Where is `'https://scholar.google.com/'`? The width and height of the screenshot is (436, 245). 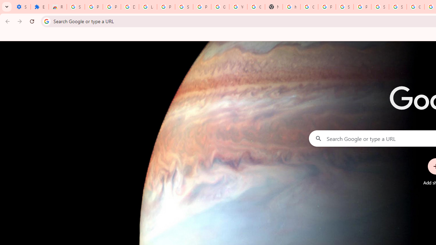 'https://scholar.google.com/' is located at coordinates (291, 7).